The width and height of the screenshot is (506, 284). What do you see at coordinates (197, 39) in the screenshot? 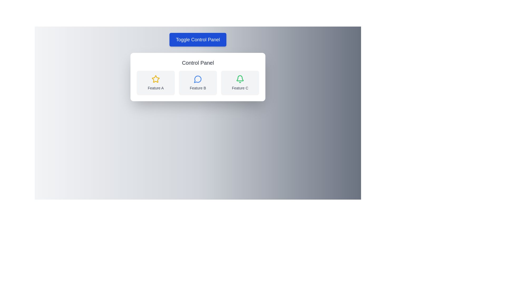
I see `the button that toggles the visibility or functionality of the 'Control Panel' section` at bounding box center [197, 39].